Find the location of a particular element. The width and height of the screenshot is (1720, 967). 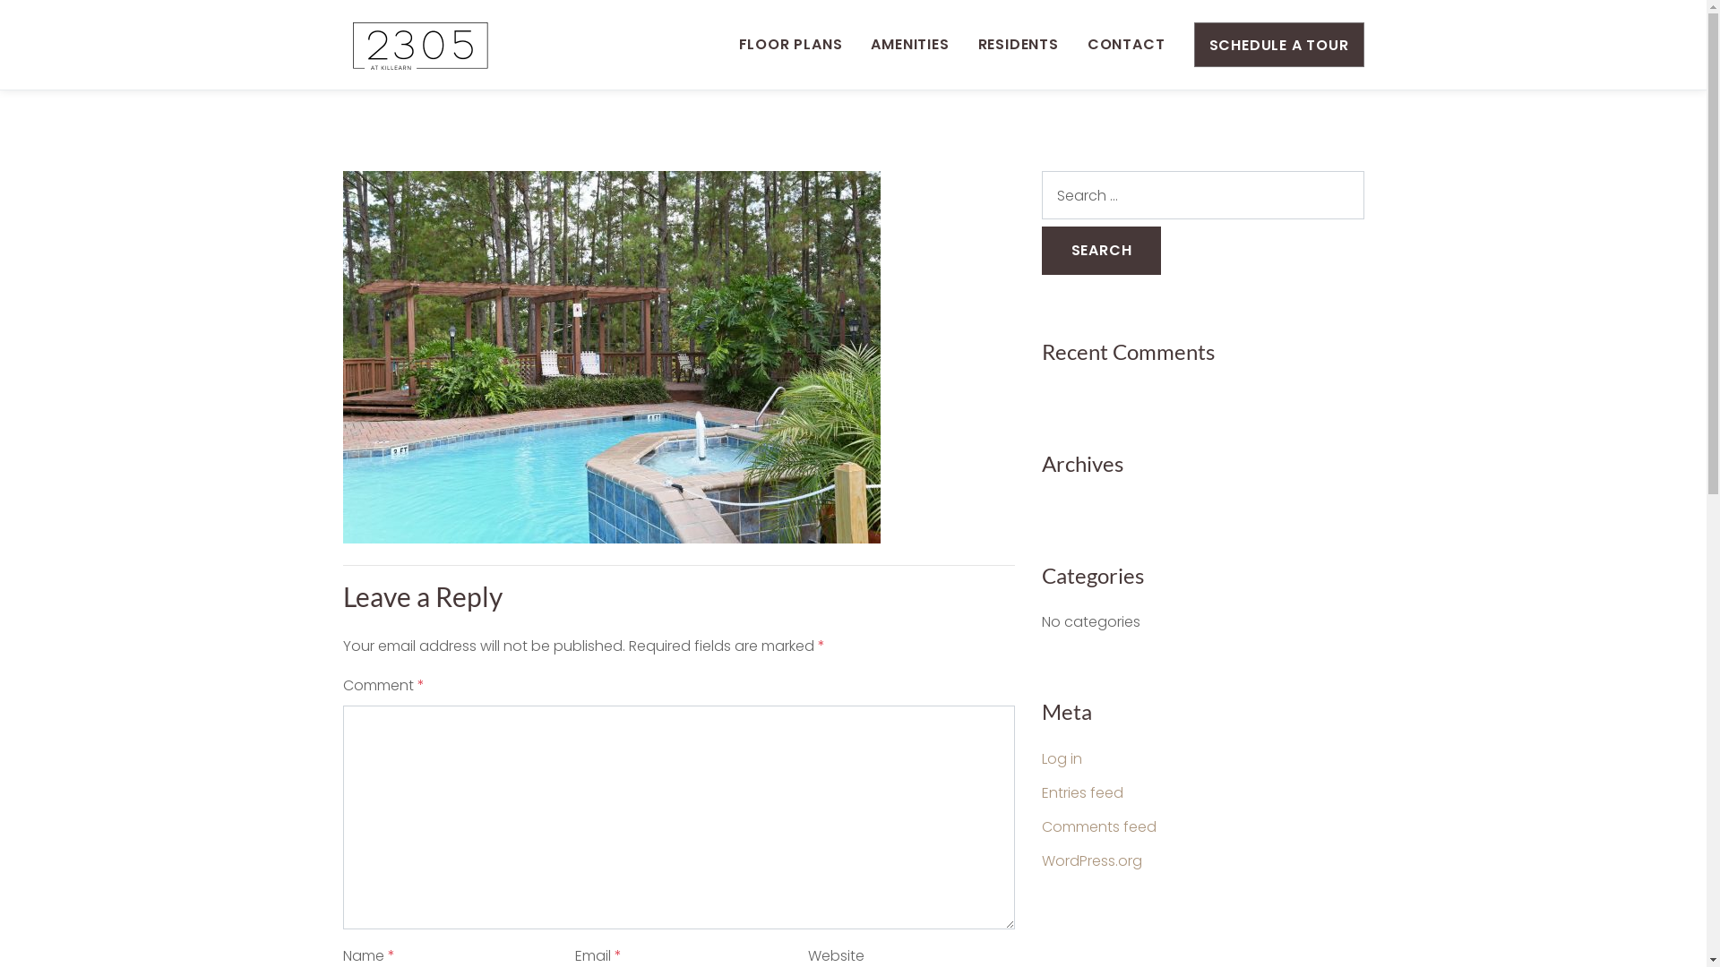

'FLOOR PLANS' is located at coordinates (739, 44).